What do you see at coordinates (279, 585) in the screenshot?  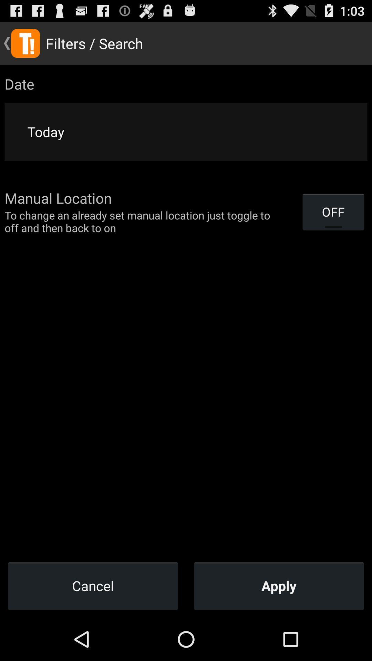 I see `item below to change an item` at bounding box center [279, 585].